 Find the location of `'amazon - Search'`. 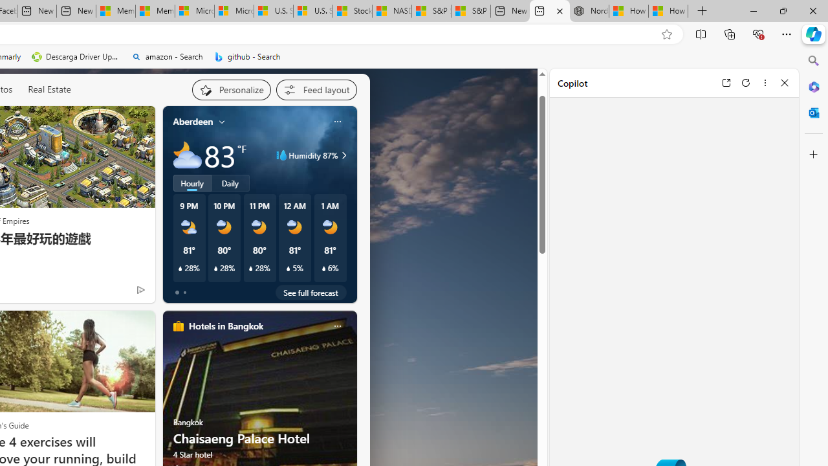

'amazon - Search' is located at coordinates (166, 56).